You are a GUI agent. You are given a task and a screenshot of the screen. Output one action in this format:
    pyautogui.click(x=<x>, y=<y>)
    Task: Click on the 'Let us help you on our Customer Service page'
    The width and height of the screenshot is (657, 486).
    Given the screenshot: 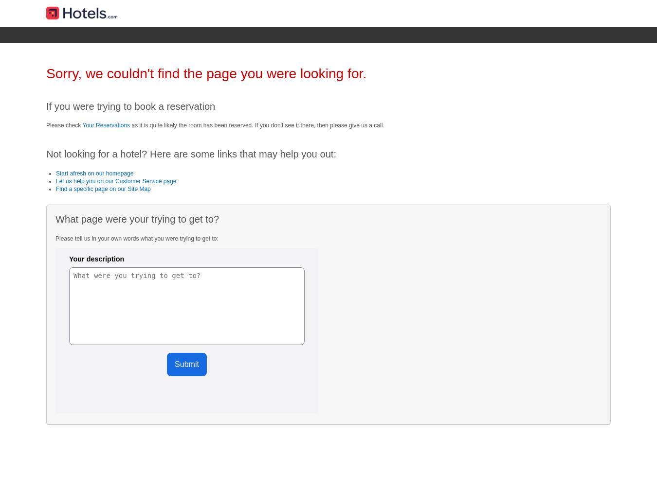 What is the action you would take?
    pyautogui.click(x=56, y=180)
    